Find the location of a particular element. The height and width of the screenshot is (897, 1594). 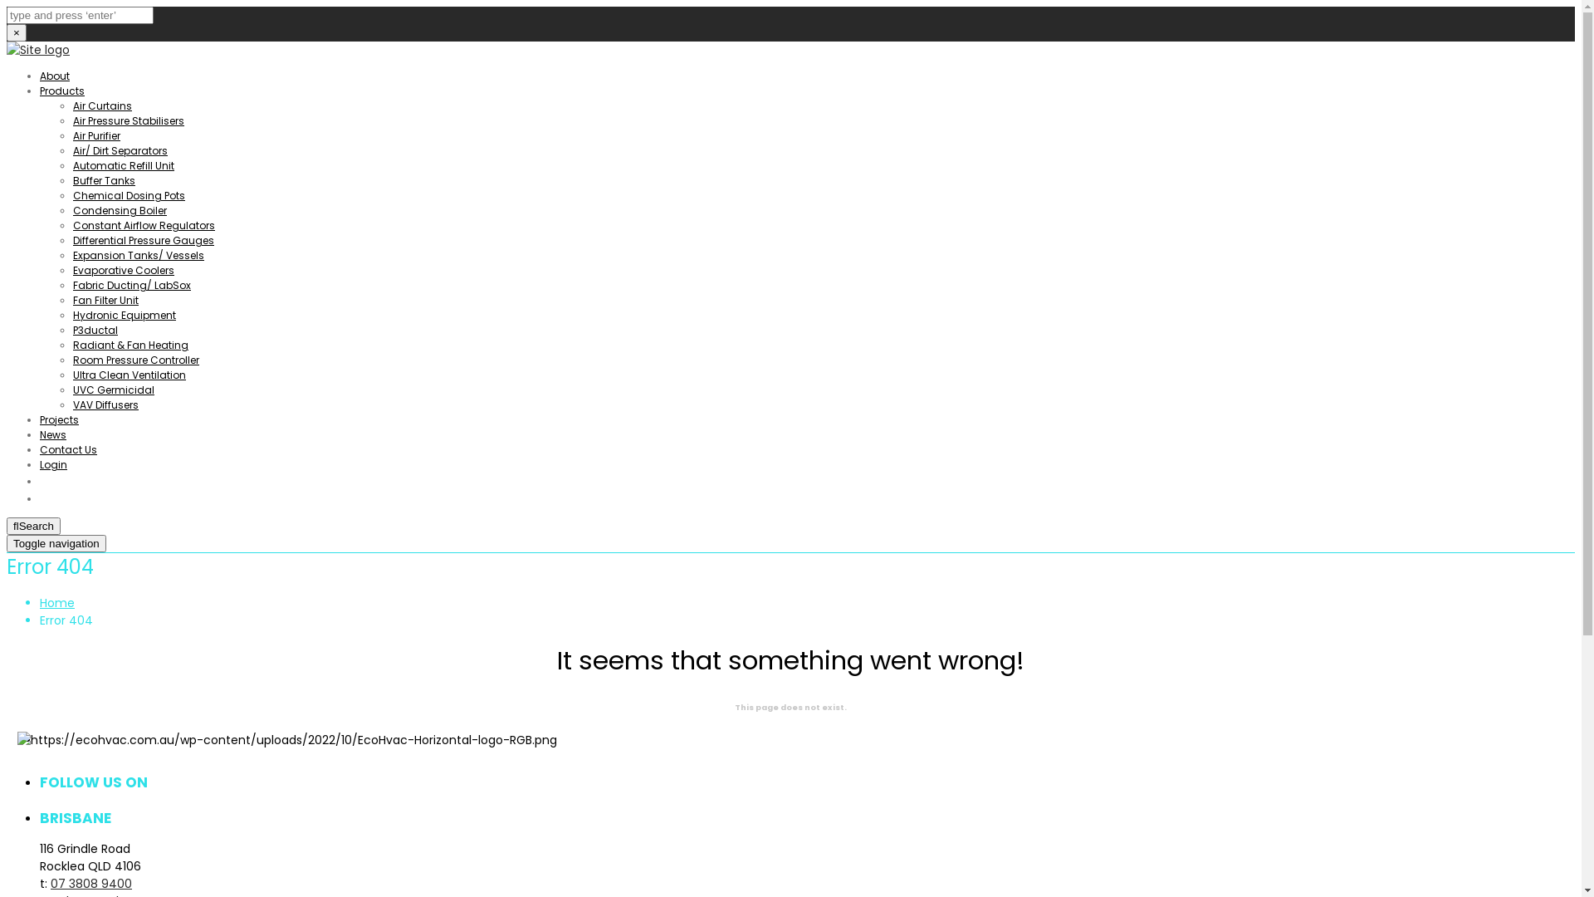

'P3ductal' is located at coordinates (71, 330).